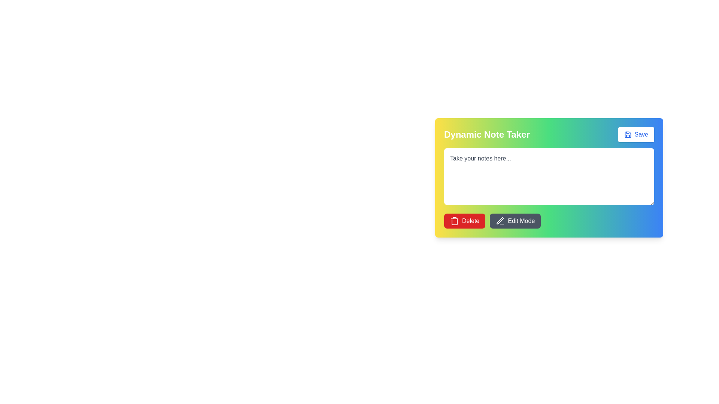 This screenshot has width=719, height=404. Describe the element at coordinates (470, 220) in the screenshot. I see `the red 'Delete' button located at the bottom-left of the note-taking panel` at that location.